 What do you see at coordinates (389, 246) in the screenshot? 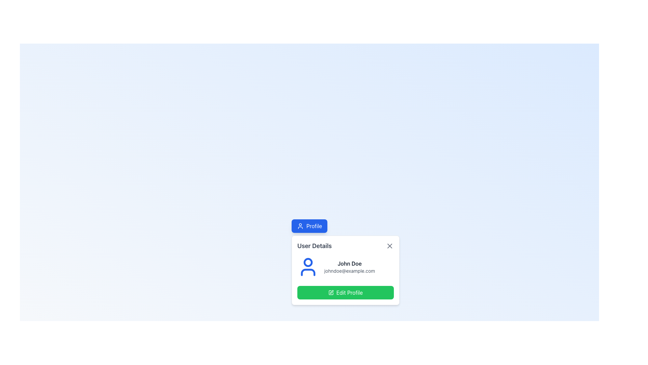
I see `the close ('X') button at the upper-right corner of the 'User Details' card` at bounding box center [389, 246].